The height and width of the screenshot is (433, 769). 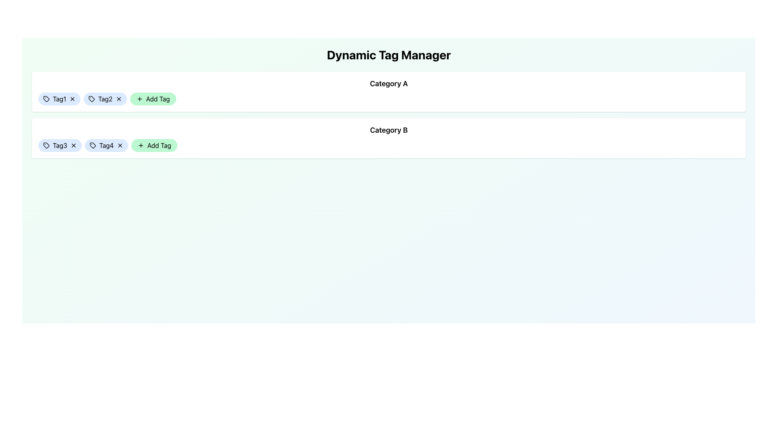 I want to click on the 'X' icon located next to the 'Tag2' element, so click(x=105, y=98).